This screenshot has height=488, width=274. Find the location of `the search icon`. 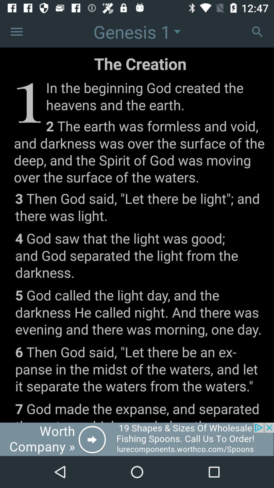

the search icon is located at coordinates (257, 31).